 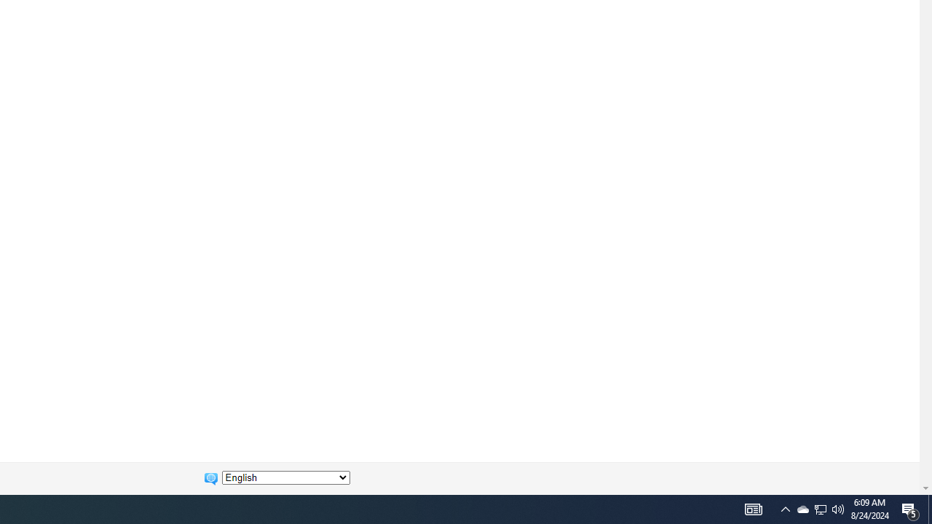 I want to click on 'Change language:', so click(x=285, y=477).